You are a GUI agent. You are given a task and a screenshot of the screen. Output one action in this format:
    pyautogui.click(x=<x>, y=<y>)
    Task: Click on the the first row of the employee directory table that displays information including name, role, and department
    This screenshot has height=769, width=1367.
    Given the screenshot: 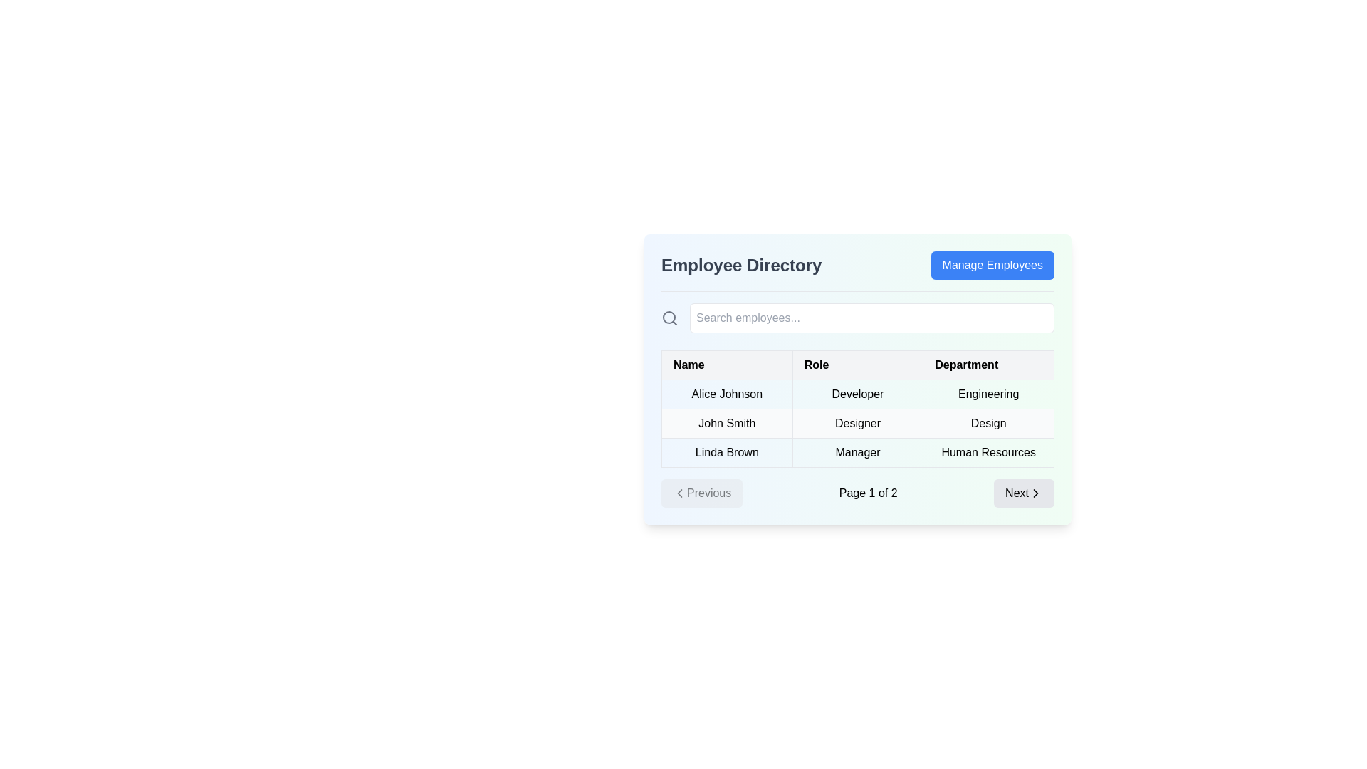 What is the action you would take?
    pyautogui.click(x=857, y=394)
    